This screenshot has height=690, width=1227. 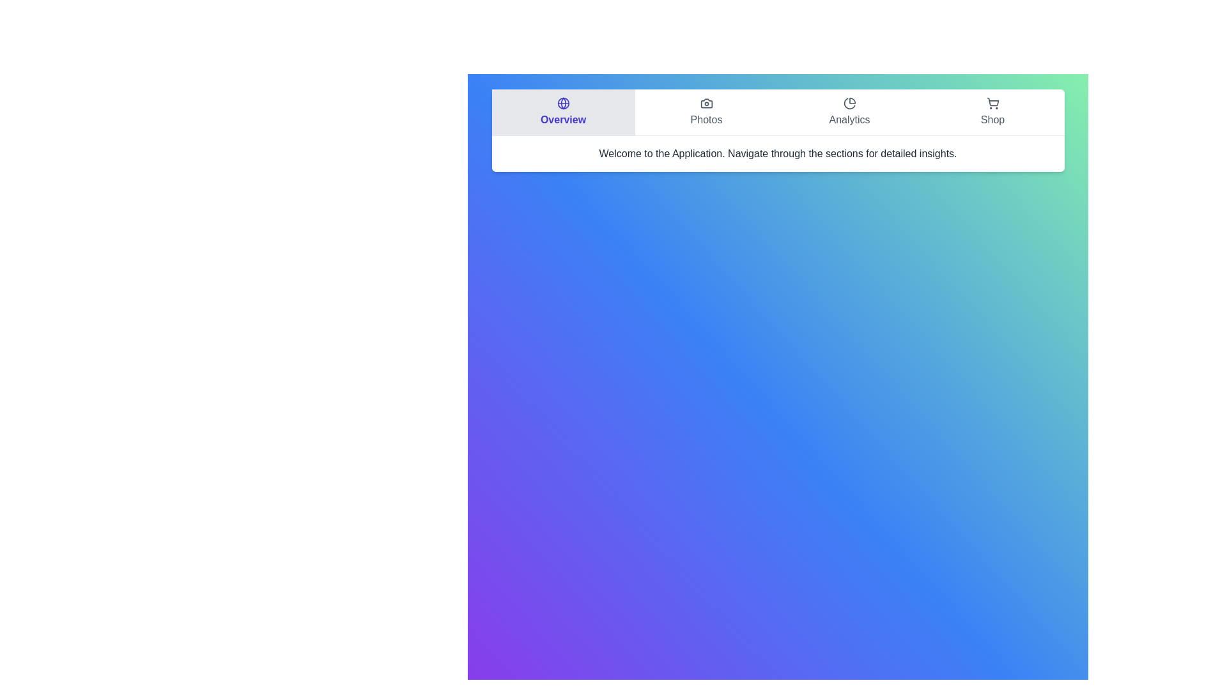 I want to click on the 'Analytics' icon in the top navigation bar, so click(x=849, y=103).